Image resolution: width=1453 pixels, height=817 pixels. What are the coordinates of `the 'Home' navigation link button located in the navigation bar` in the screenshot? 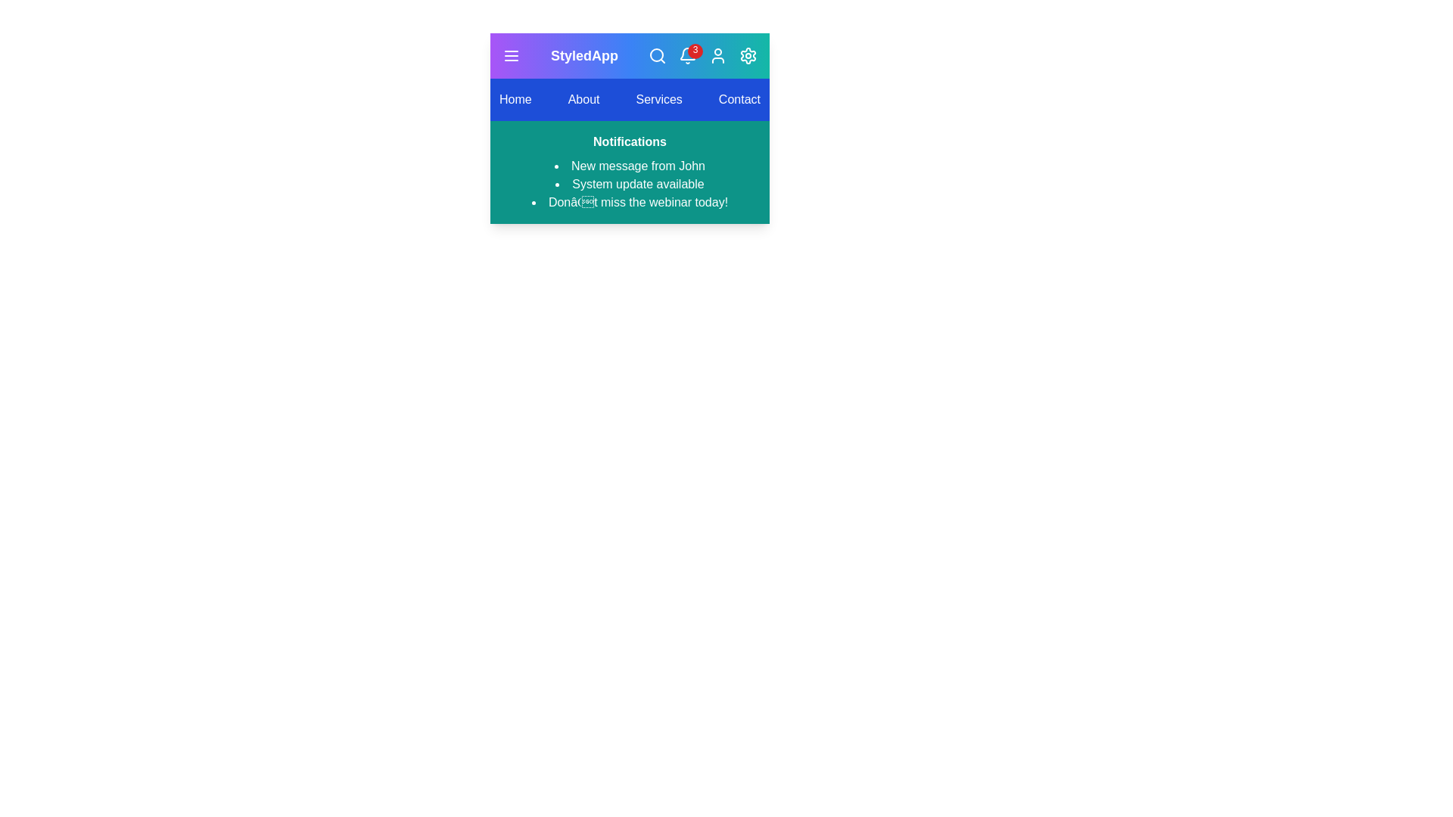 It's located at (515, 99).